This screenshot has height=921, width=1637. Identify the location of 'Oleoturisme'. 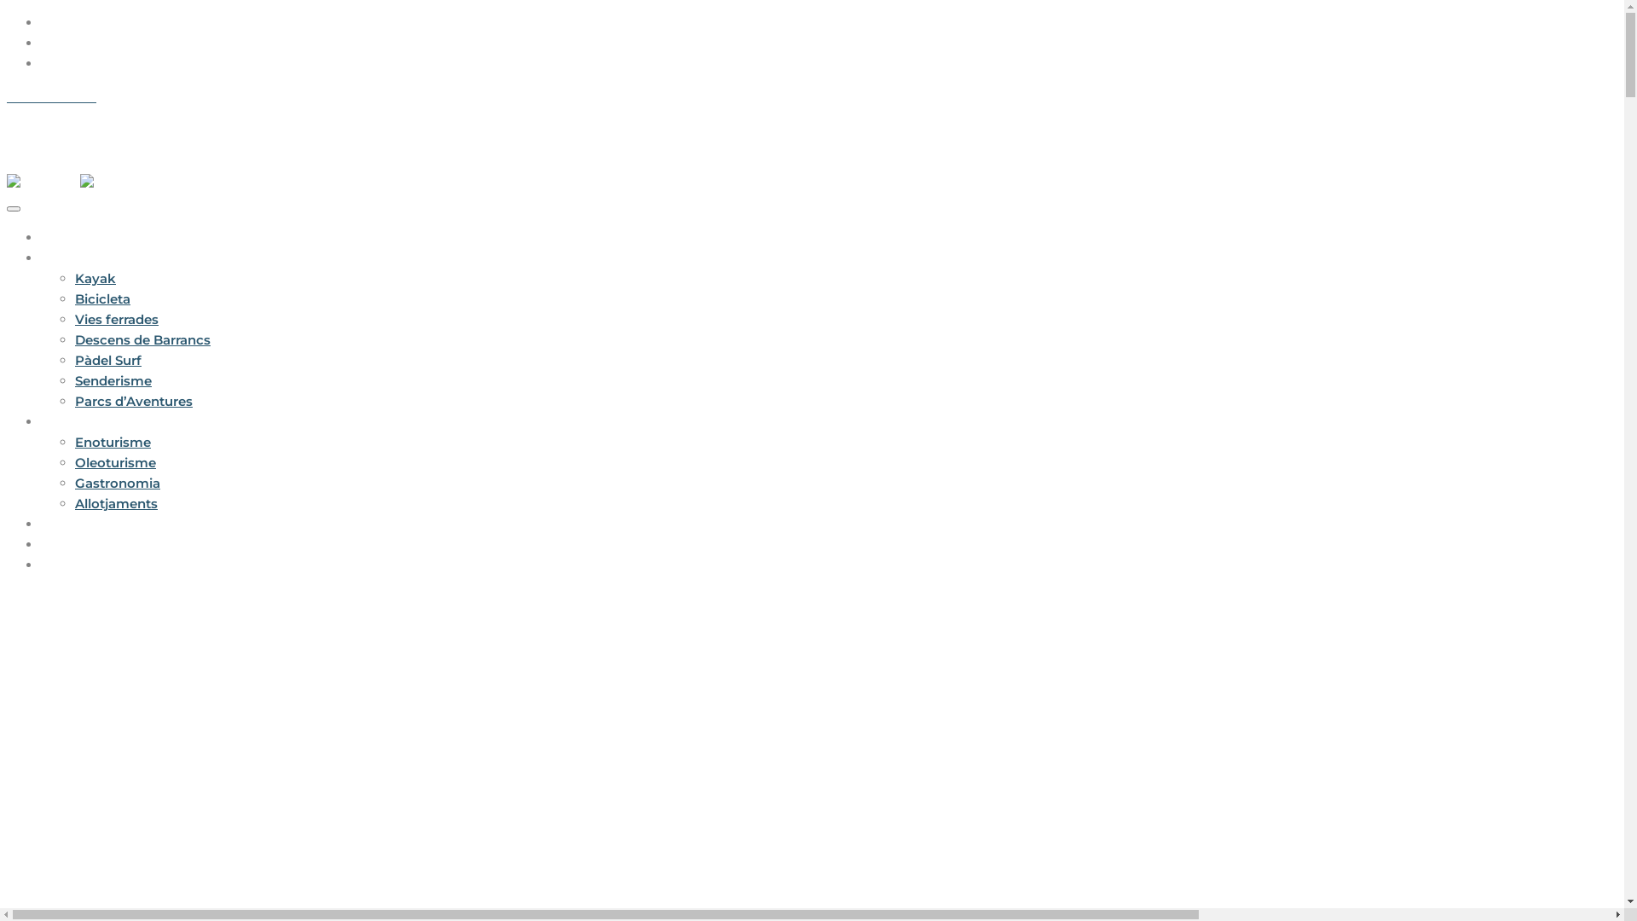
(114, 462).